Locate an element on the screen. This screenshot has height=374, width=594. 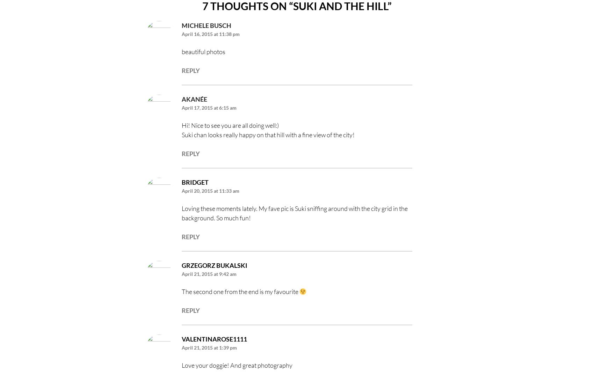
'The second one from the end is my favourite' is located at coordinates (240, 291).